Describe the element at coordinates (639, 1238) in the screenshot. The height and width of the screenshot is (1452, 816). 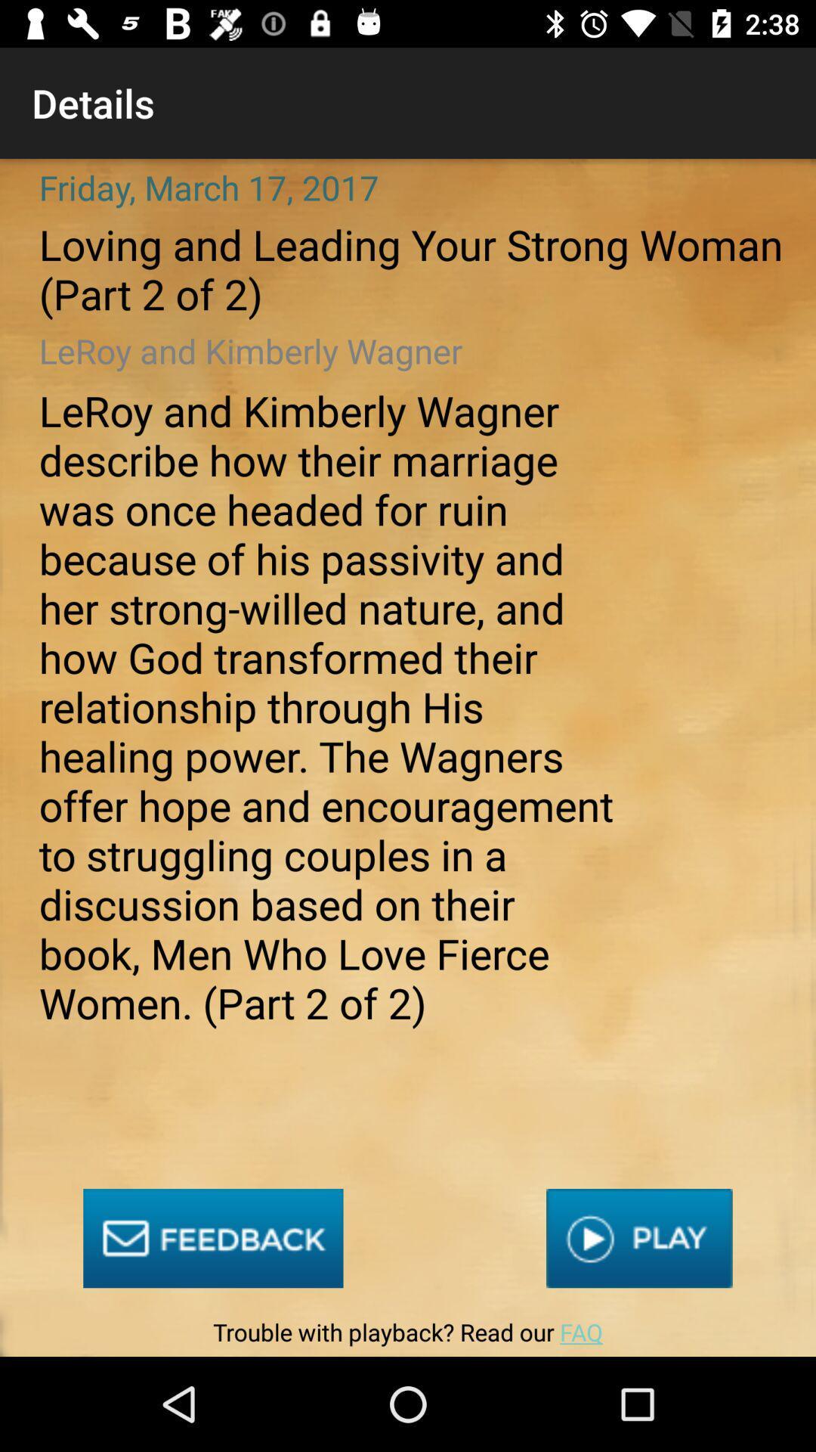
I see `the item below the leroy and kimberly item` at that location.